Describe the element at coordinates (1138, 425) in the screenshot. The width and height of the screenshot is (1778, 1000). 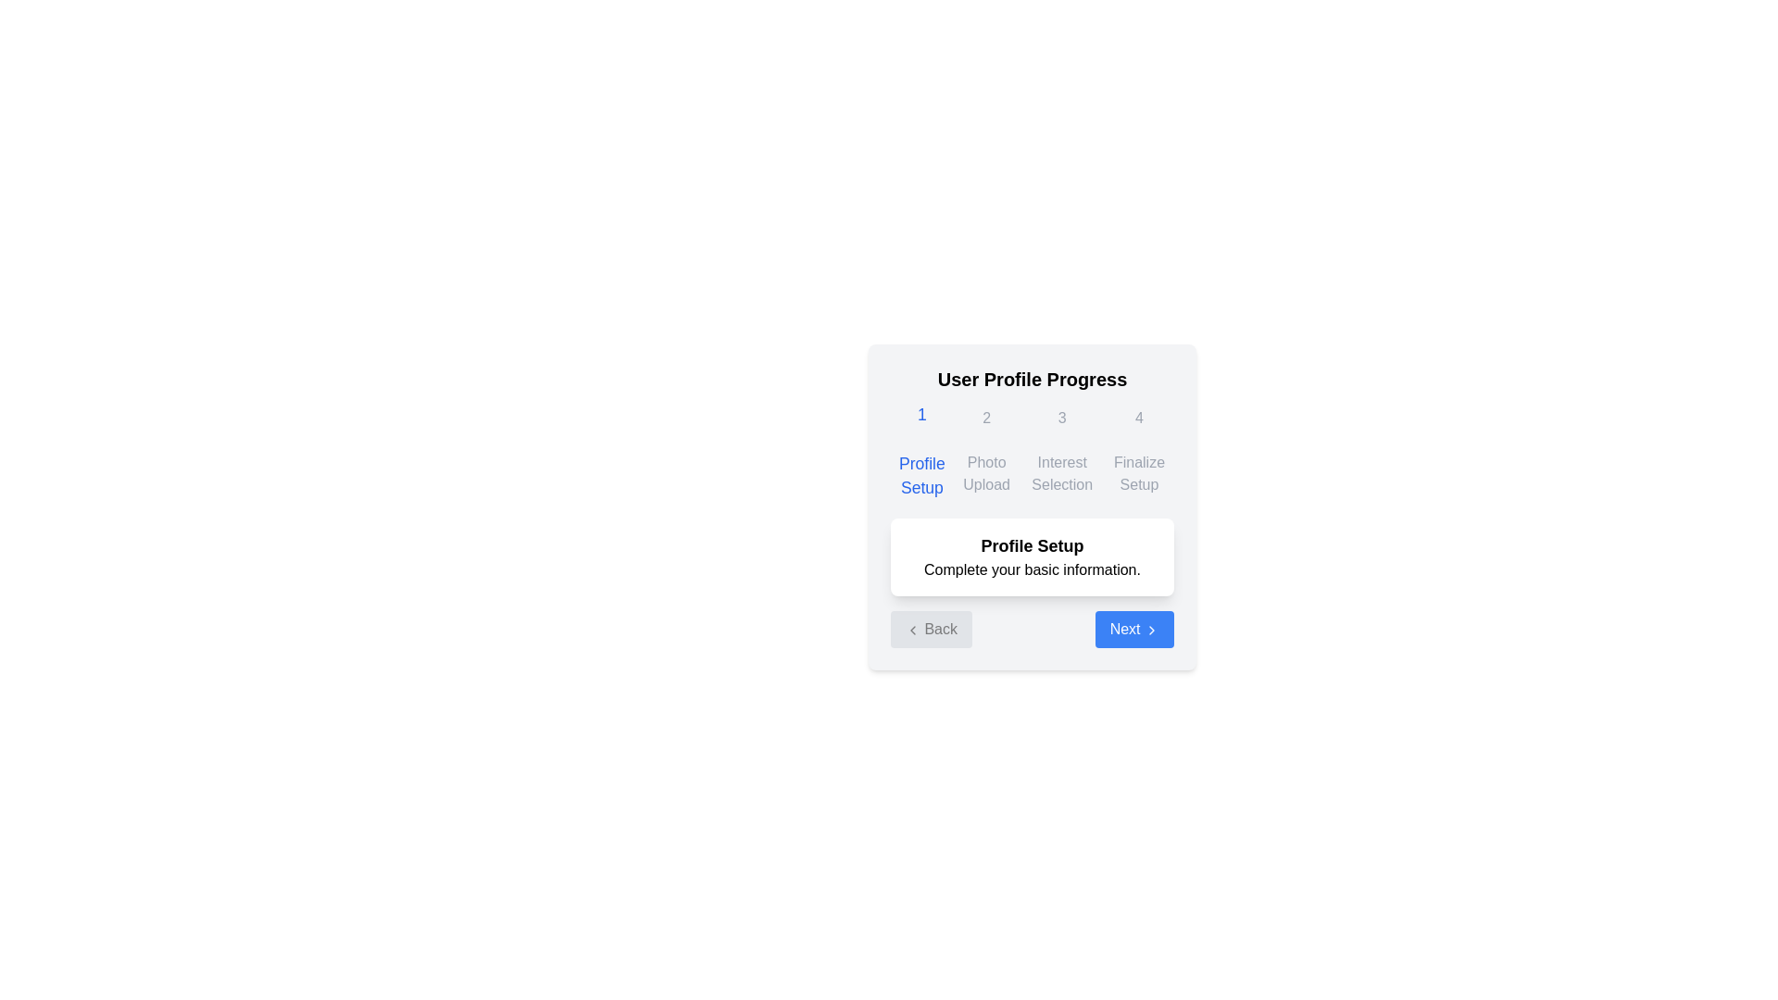
I see `the circular icon with the number '4' in light gray, located at the rightmost end of the step navigation indicators, positioned above the 'Finalize Setup' label` at that location.